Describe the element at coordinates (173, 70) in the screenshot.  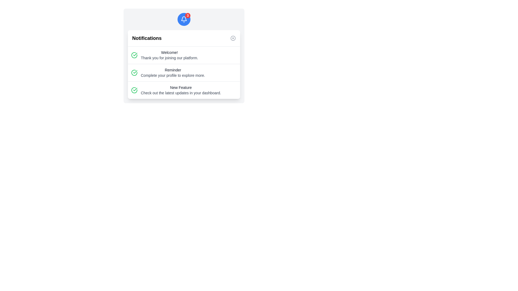
I see `the 'Reminder' text label, which is a bold, dark gray text displayed in a medium-sized sans-serif font, positioned above the 'Complete your profile` at that location.